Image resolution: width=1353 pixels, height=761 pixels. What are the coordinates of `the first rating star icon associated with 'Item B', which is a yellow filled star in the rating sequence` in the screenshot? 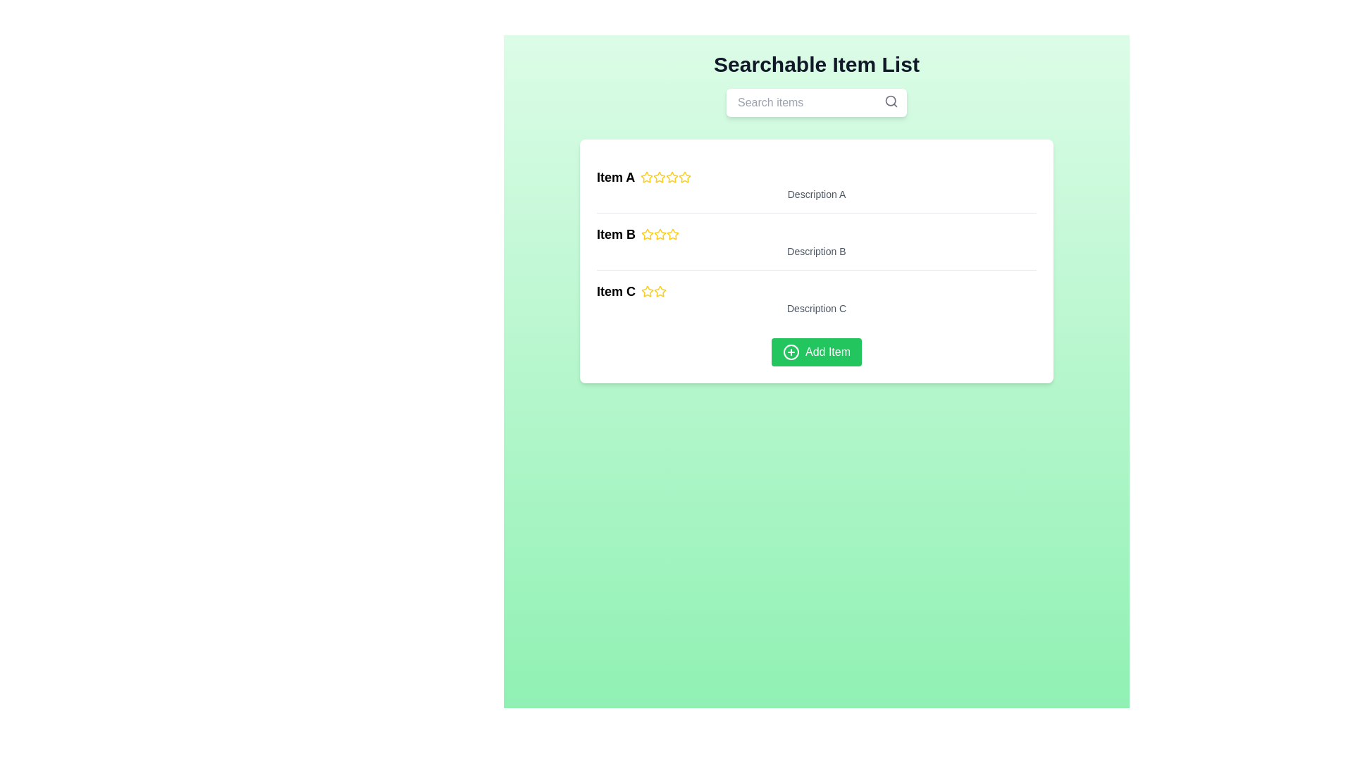 It's located at (647, 233).